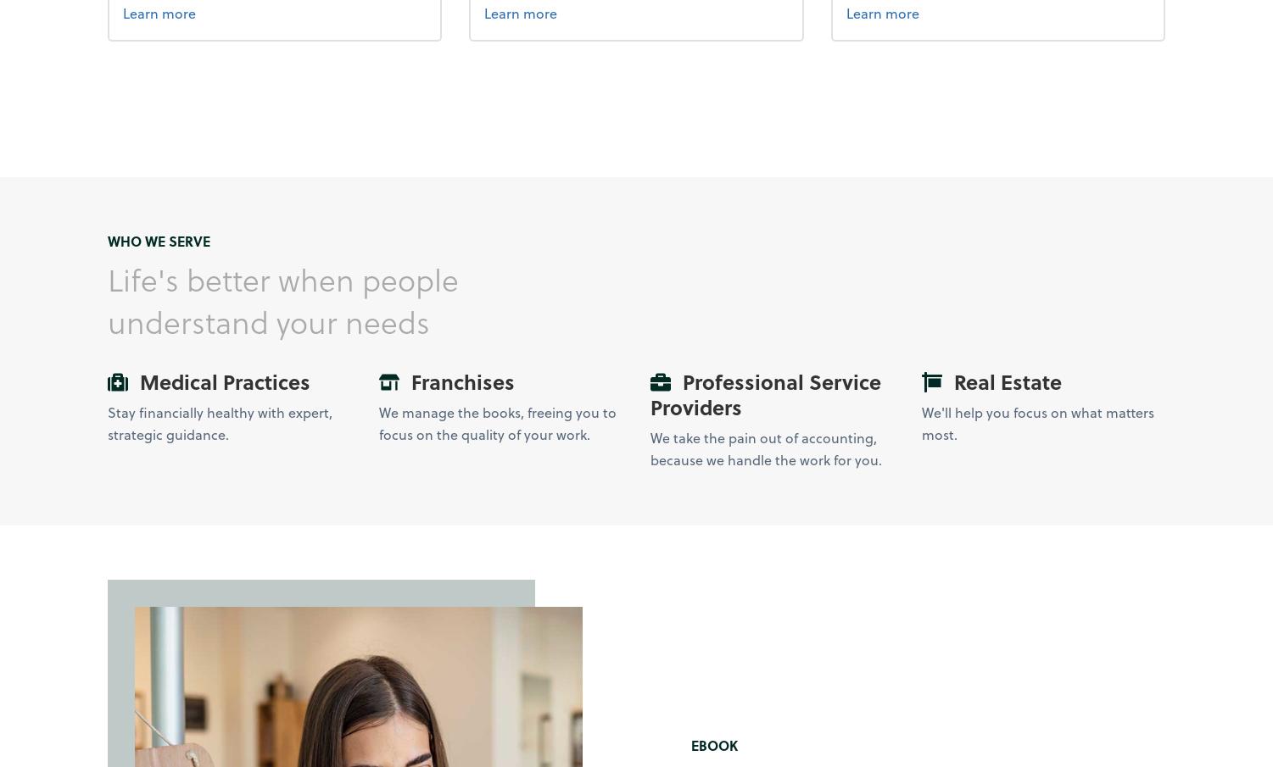 This screenshot has height=767, width=1273. Describe the element at coordinates (218, 423) in the screenshot. I see `'Stay financially healthy with expert, strategic guidance.'` at that location.